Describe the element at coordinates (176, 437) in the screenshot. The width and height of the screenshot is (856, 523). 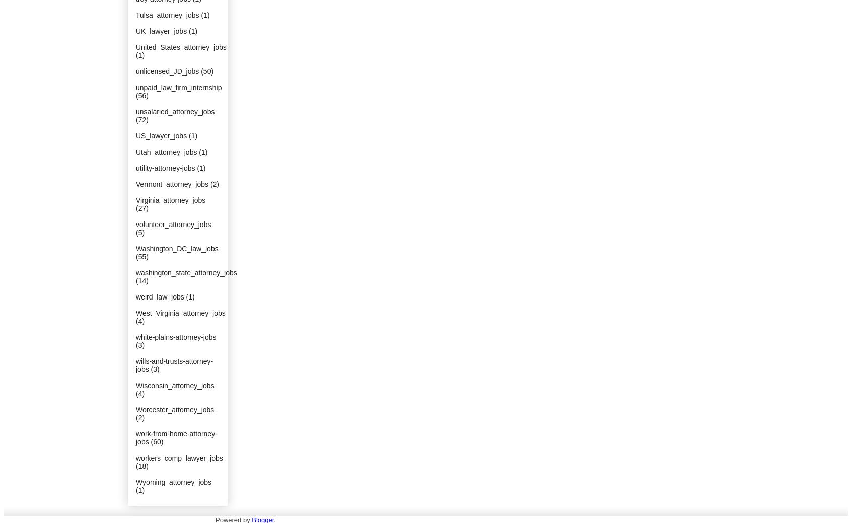
I see `'work-from-home-attorney-jobs'` at that location.